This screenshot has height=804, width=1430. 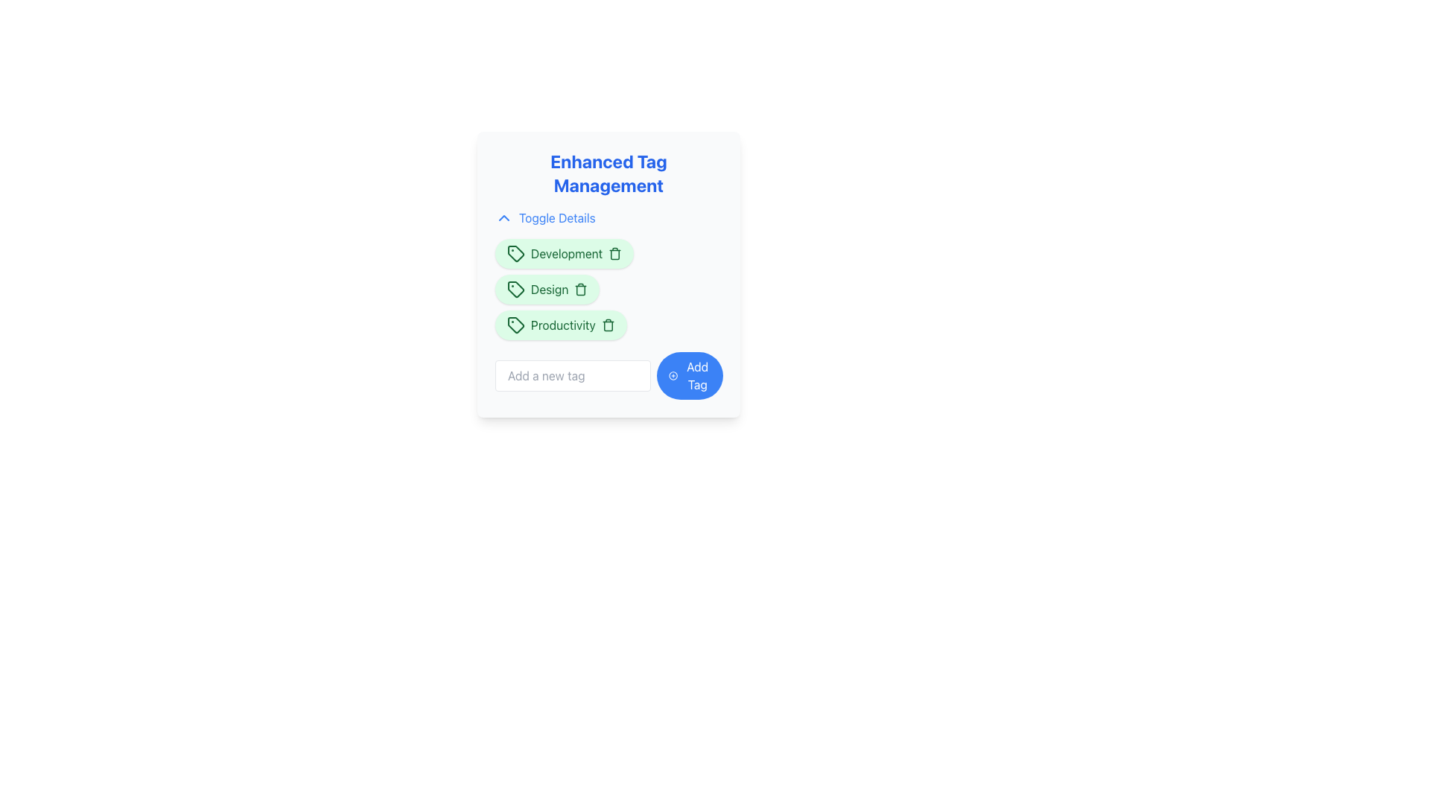 I want to click on the 'Development' tag element located in the main section under 'Enhanced Tag Management', so click(x=564, y=252).